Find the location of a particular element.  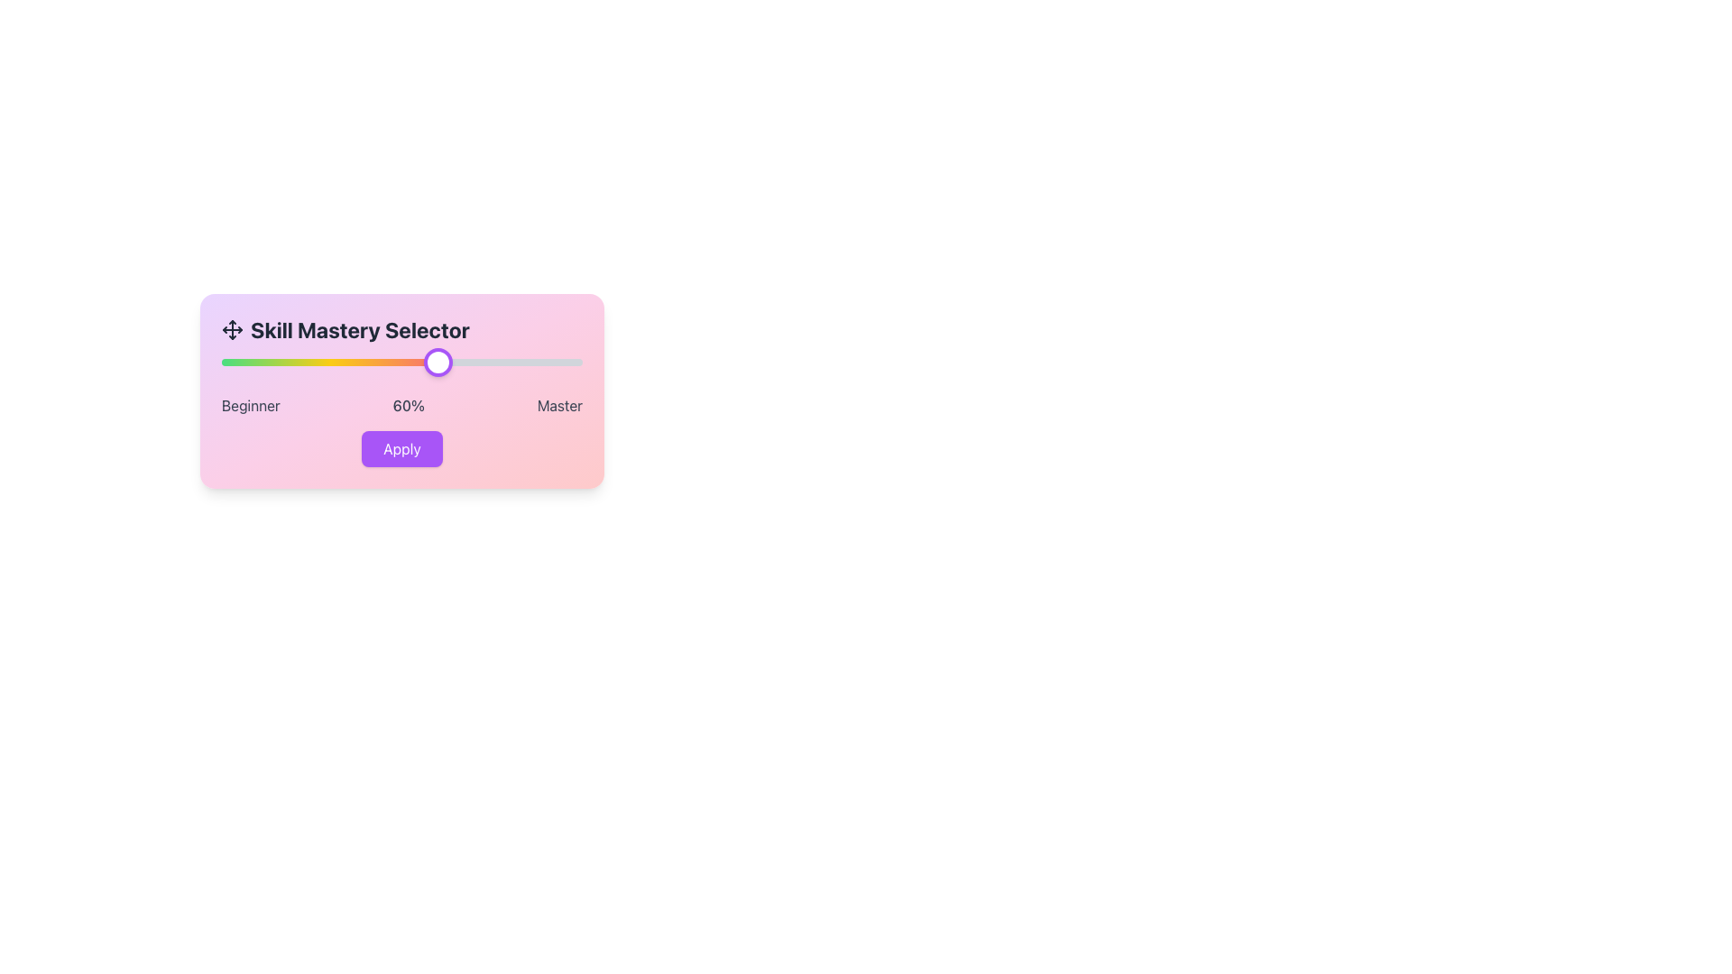

the vector graphic icon representing four arrows pointing outward in a cross formation, located to the left of the 'Skill Mastery Selector' text in the header section is located at coordinates (232, 330).